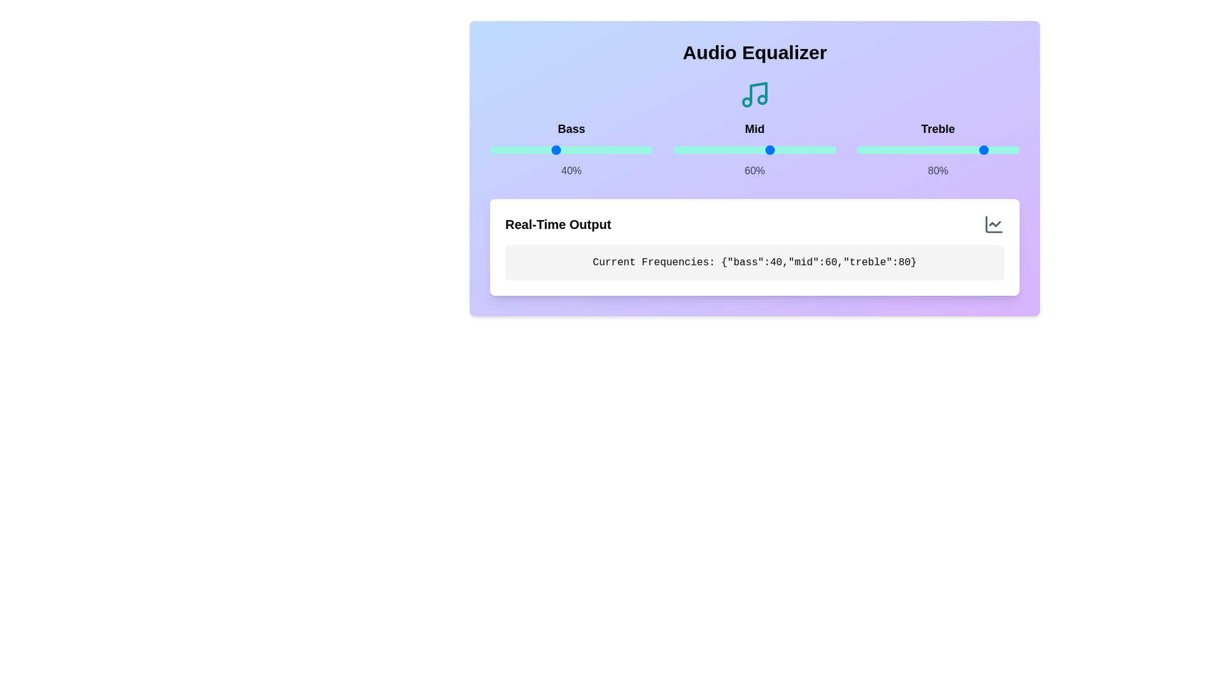 Image resolution: width=1222 pixels, height=687 pixels. What do you see at coordinates (938, 129) in the screenshot?
I see `the 'Treble' label, which is styled in bold and capitalized font, displayed in black on a violet background, located near the top right of the equalizer interface` at bounding box center [938, 129].